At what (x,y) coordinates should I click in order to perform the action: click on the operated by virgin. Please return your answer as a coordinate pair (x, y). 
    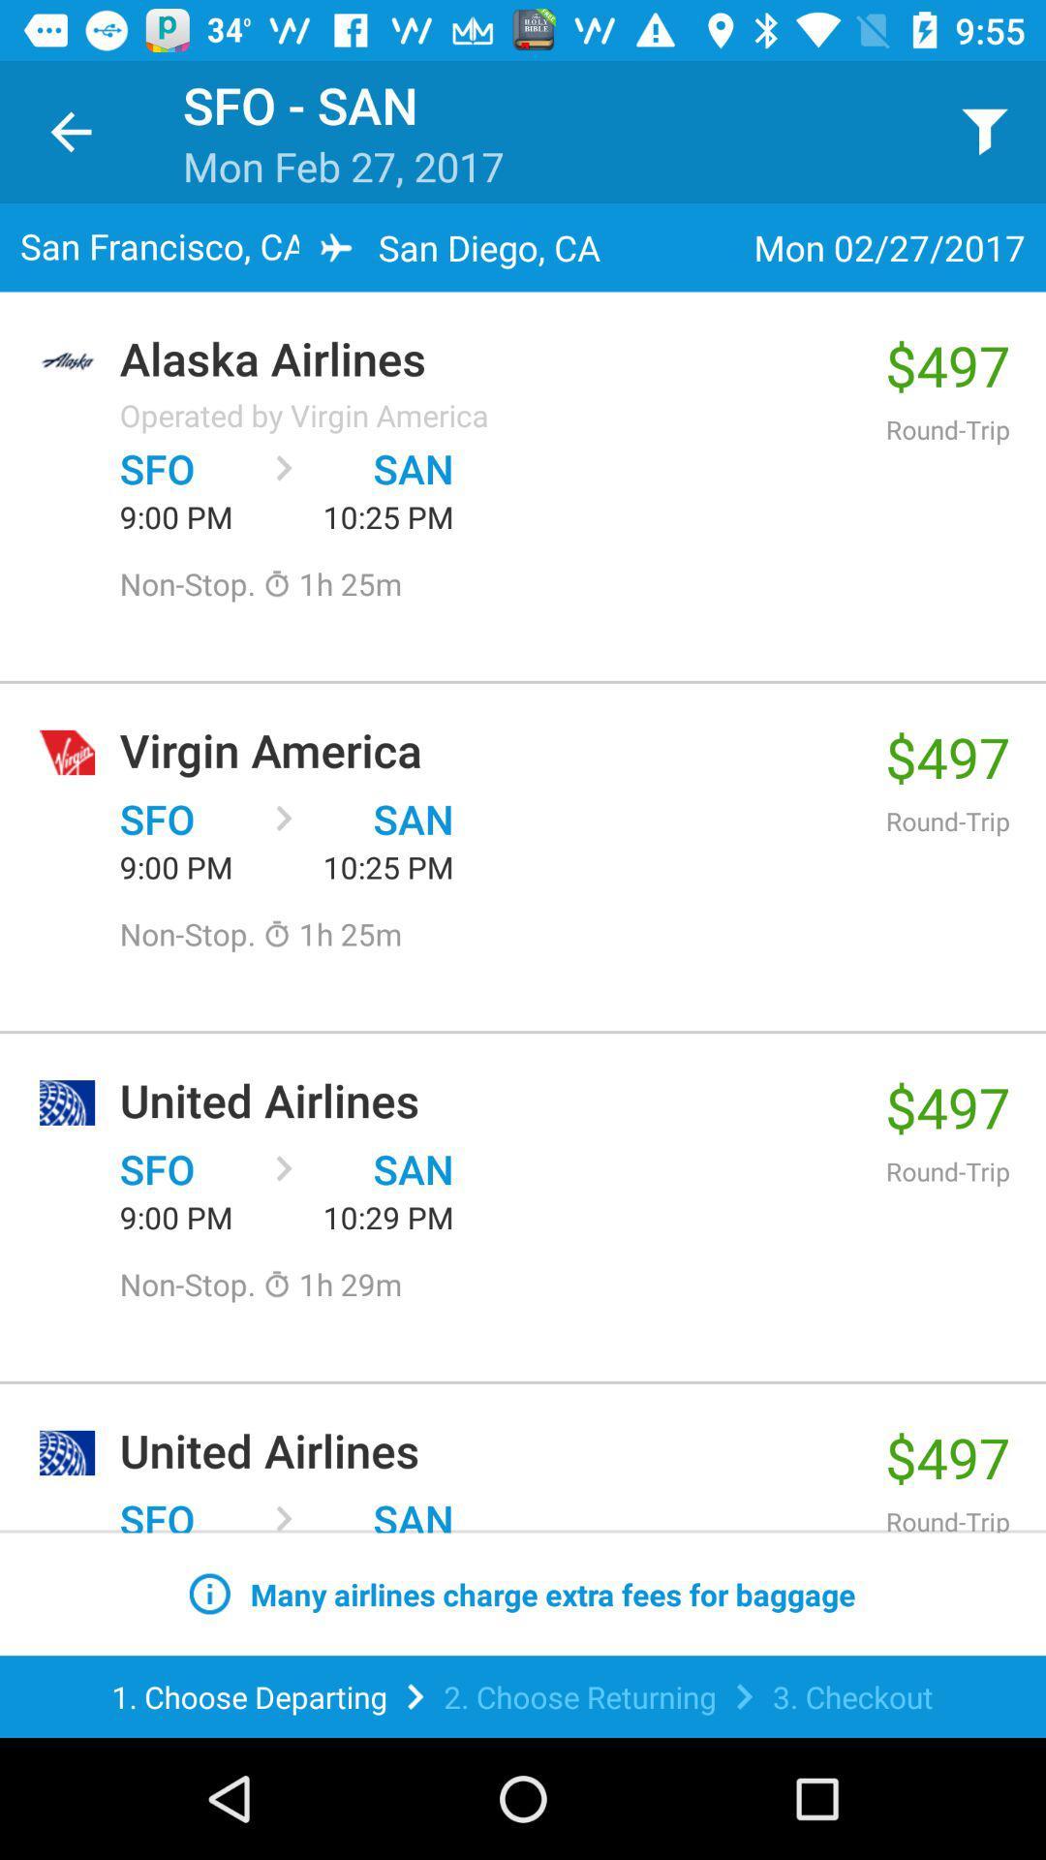
    Looking at the image, I should click on (304, 414).